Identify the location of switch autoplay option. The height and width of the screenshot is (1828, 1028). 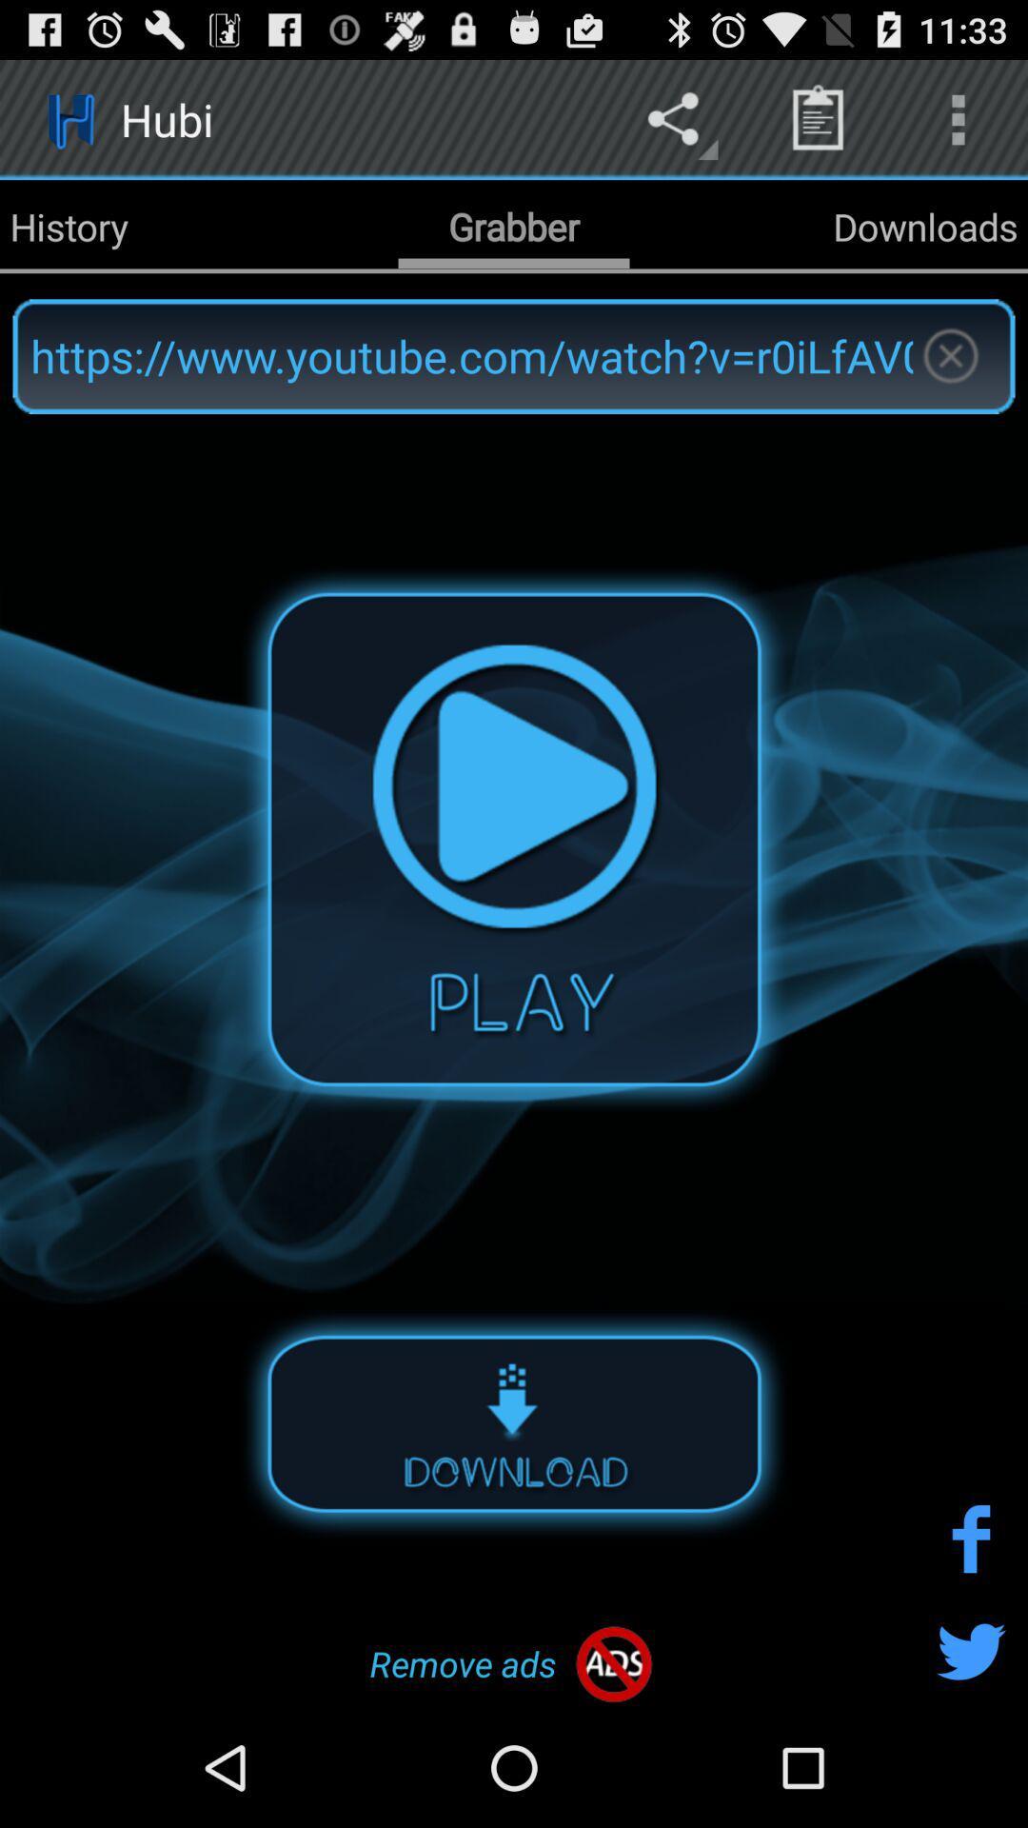
(514, 1422).